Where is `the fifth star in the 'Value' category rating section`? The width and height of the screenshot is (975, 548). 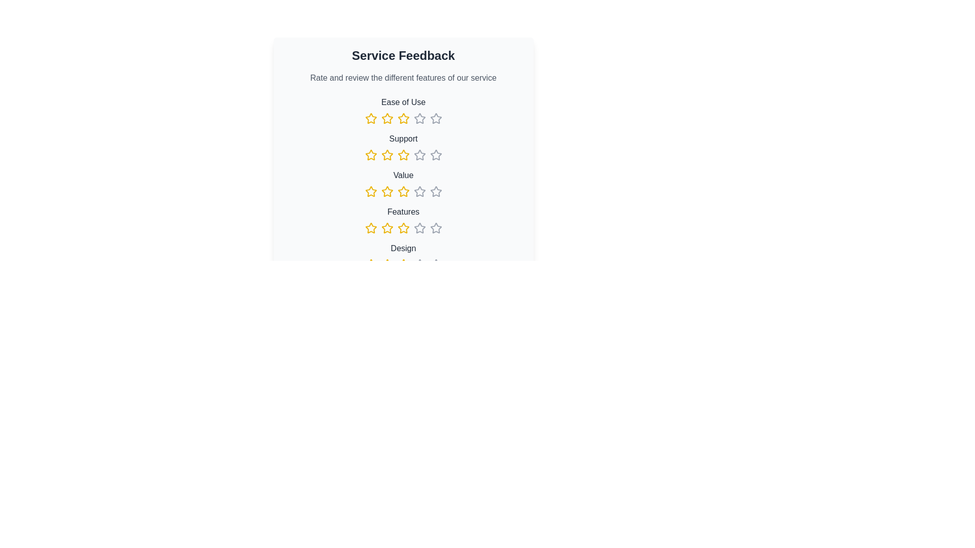
the fifth star in the 'Value' category rating section is located at coordinates (436, 192).